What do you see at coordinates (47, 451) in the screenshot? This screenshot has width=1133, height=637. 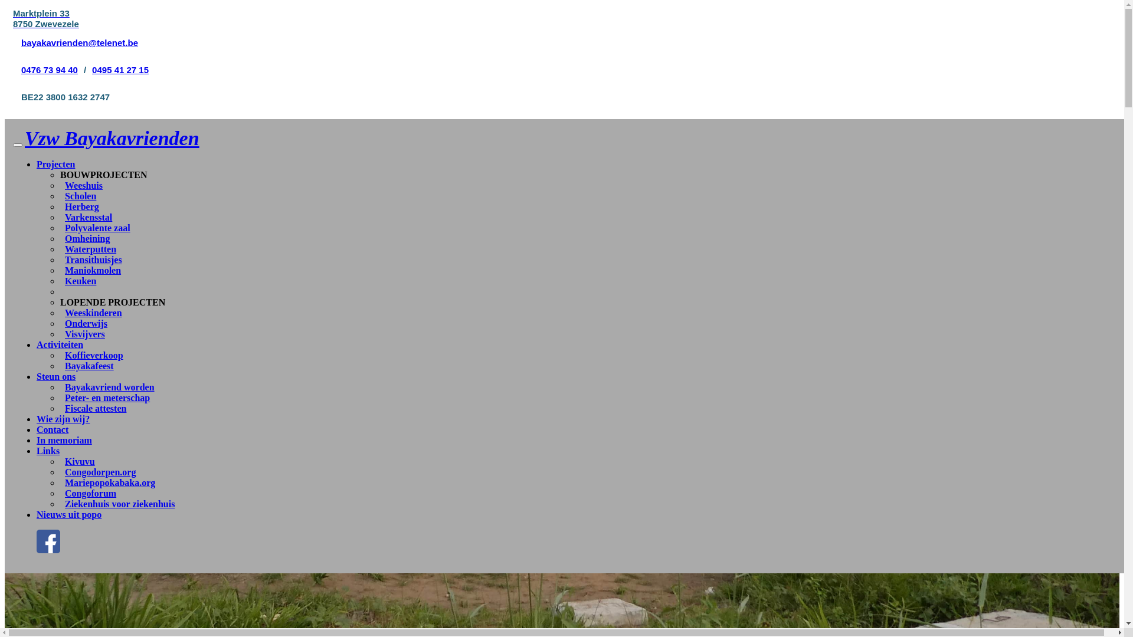 I see `'Links'` at bounding box center [47, 451].